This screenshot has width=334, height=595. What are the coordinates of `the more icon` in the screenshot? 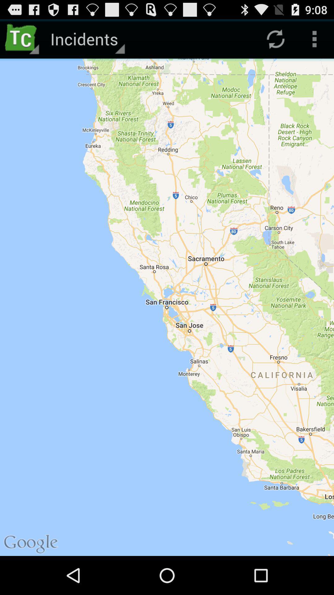 It's located at (315, 41).